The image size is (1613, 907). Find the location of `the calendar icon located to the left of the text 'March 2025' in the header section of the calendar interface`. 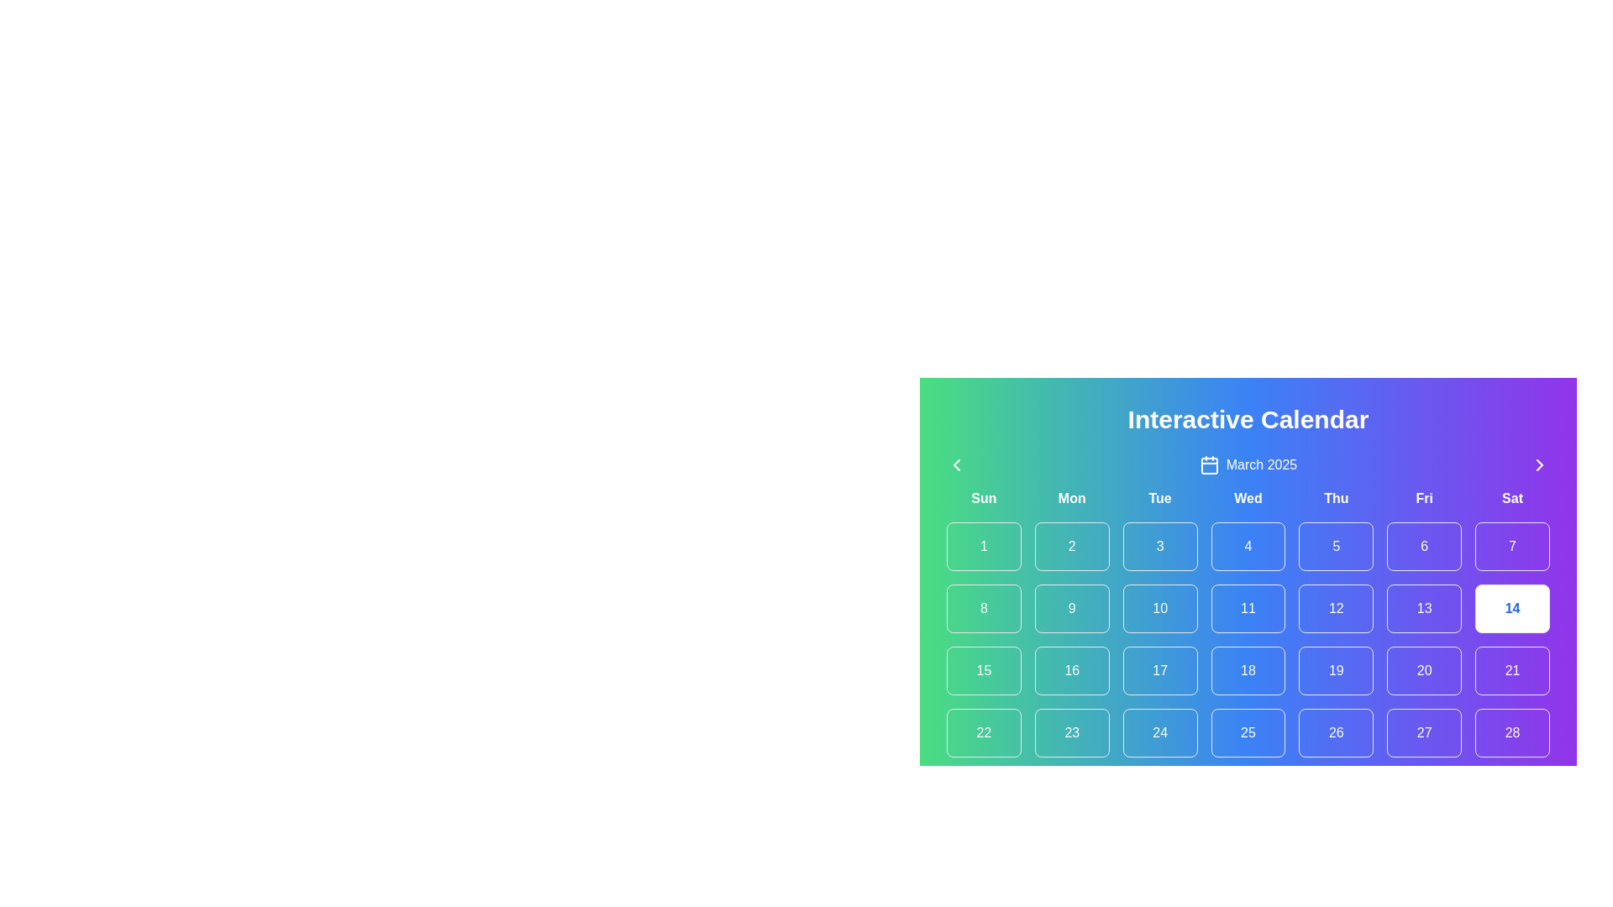

the calendar icon located to the left of the text 'March 2025' in the header section of the calendar interface is located at coordinates (1208, 465).